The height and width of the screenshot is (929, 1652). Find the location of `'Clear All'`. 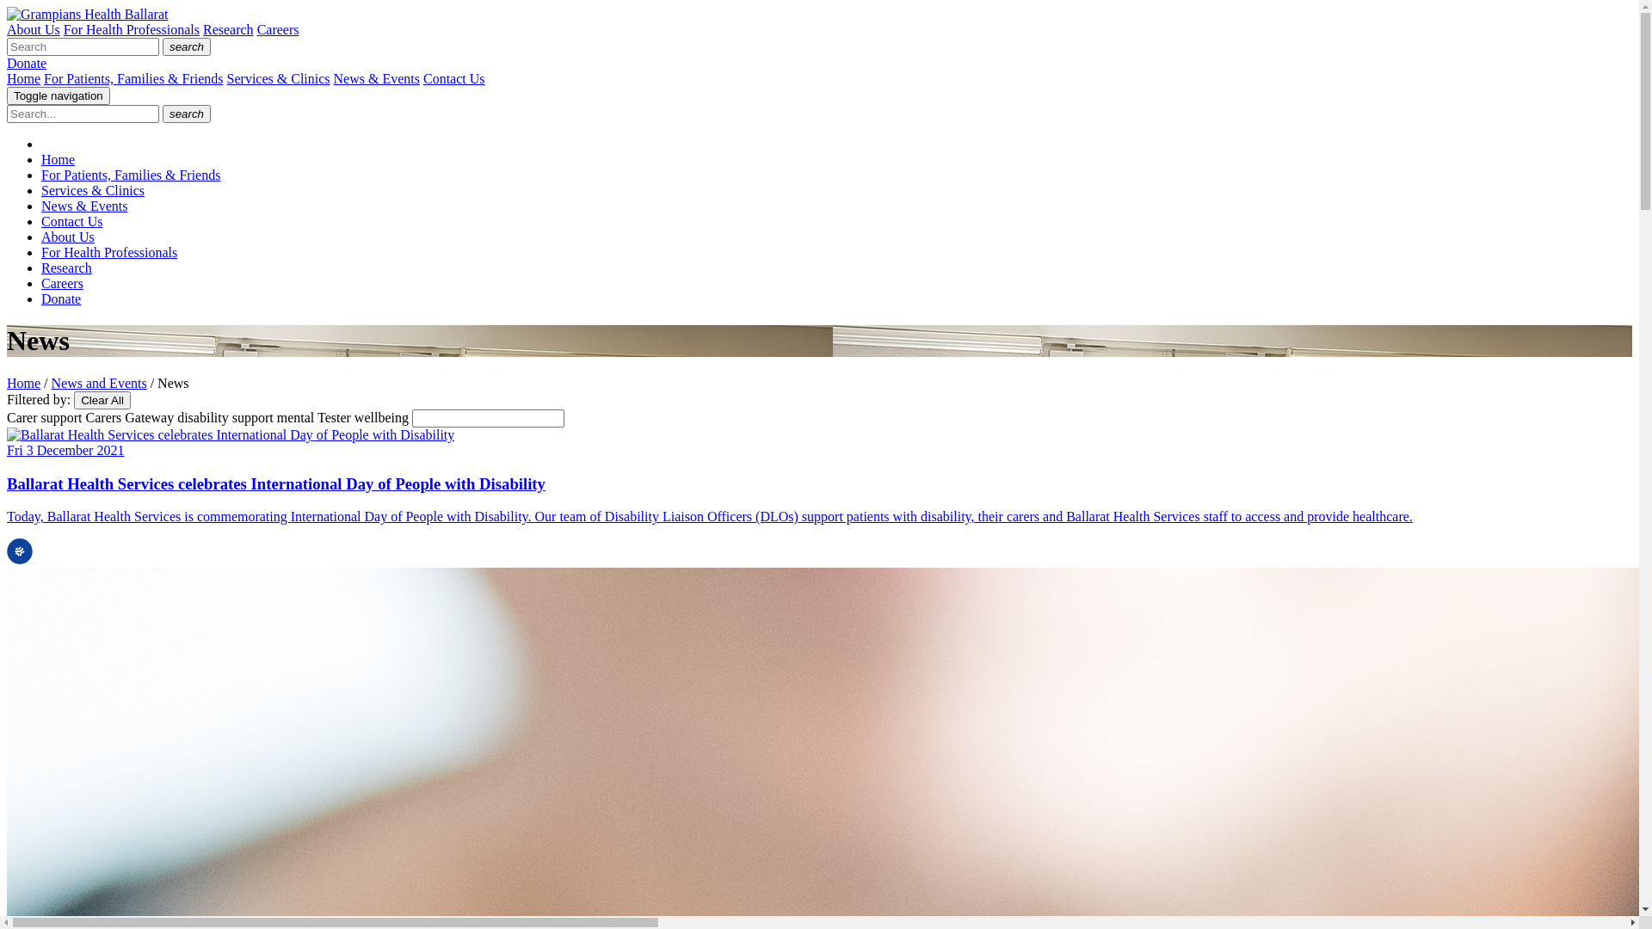

'Clear All' is located at coordinates (102, 400).